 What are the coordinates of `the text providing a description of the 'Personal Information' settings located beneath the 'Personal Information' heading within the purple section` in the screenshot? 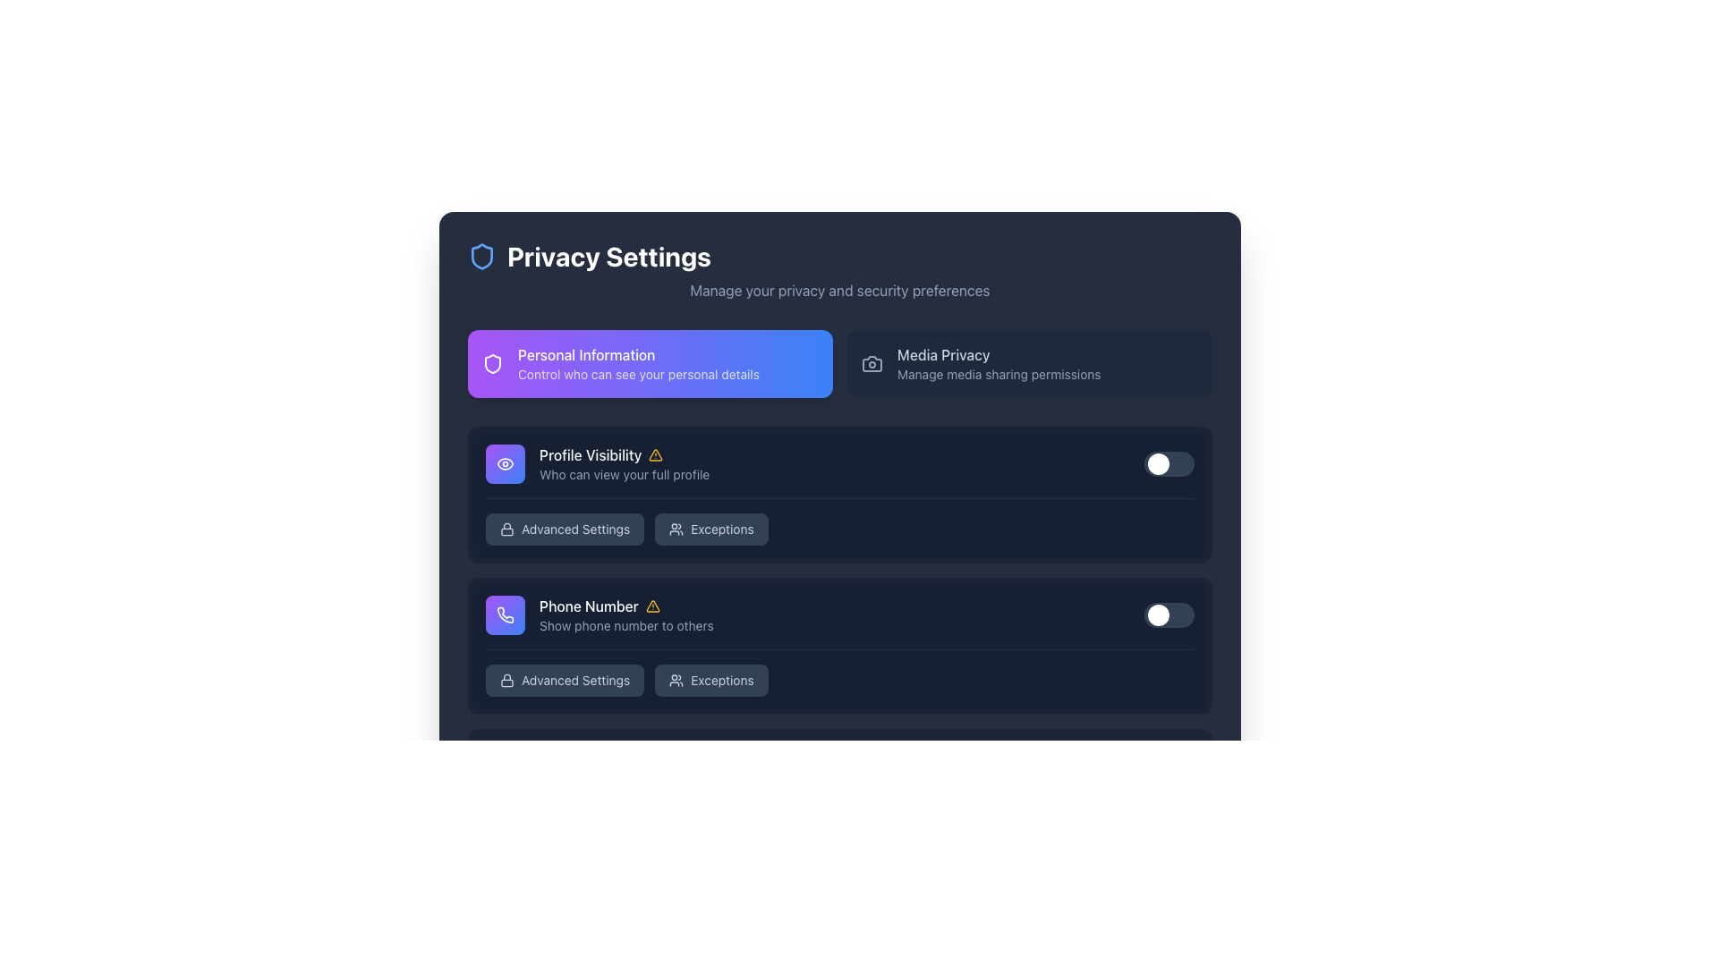 It's located at (639, 374).